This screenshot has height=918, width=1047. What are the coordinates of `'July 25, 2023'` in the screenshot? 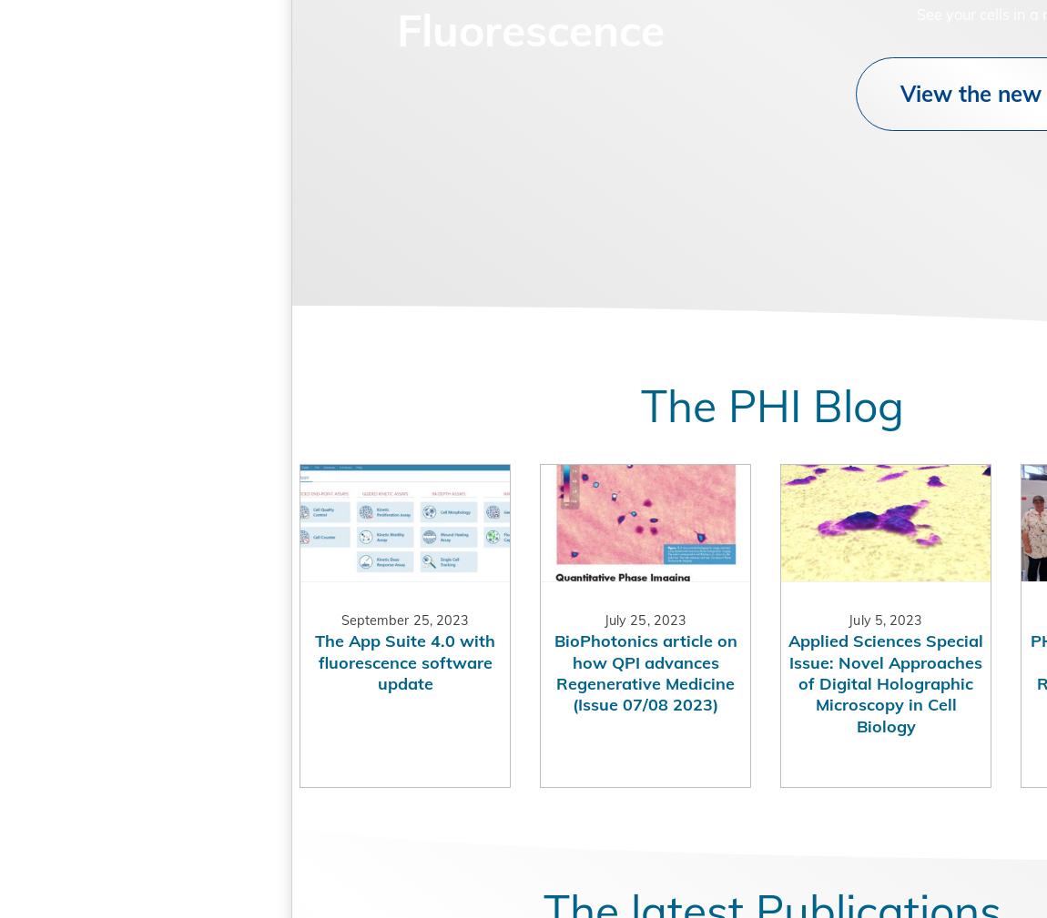 It's located at (572, 659).